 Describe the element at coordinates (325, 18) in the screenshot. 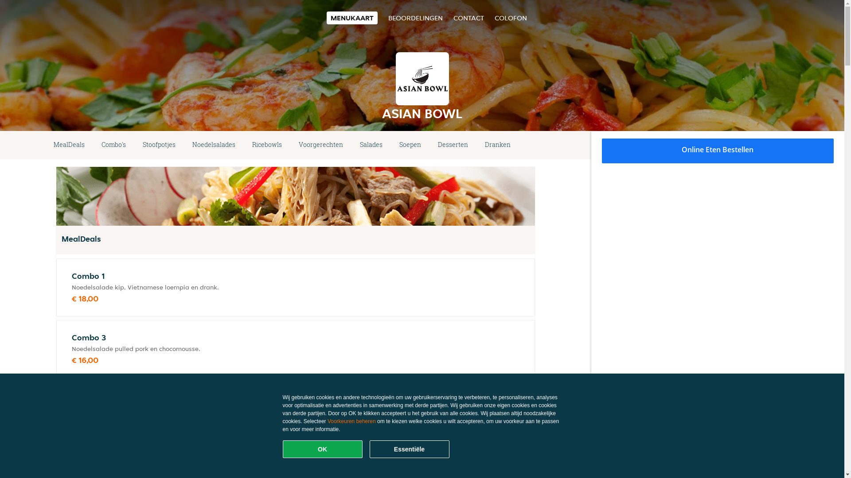

I see `'MENUKAART'` at that location.